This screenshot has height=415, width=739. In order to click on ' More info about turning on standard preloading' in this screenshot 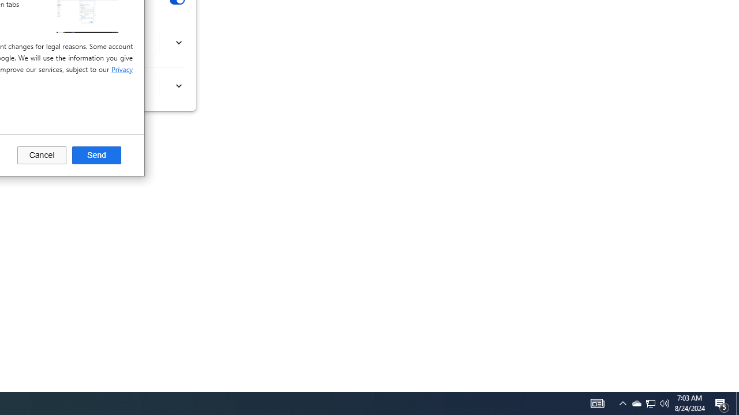, I will do `click(178, 85)`.